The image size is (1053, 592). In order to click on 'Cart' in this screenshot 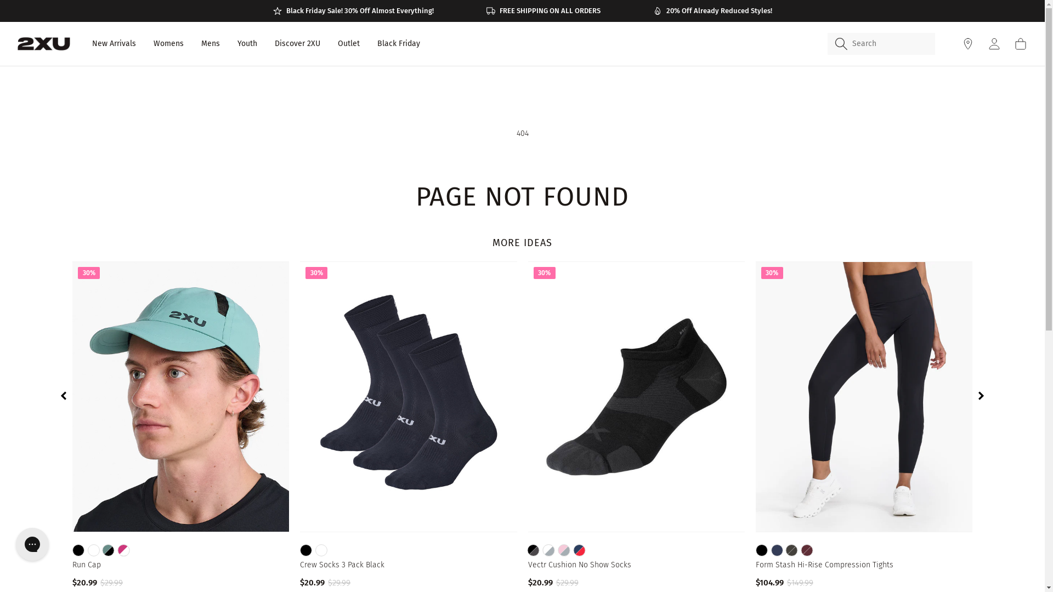, I will do `click(1020, 43)`.